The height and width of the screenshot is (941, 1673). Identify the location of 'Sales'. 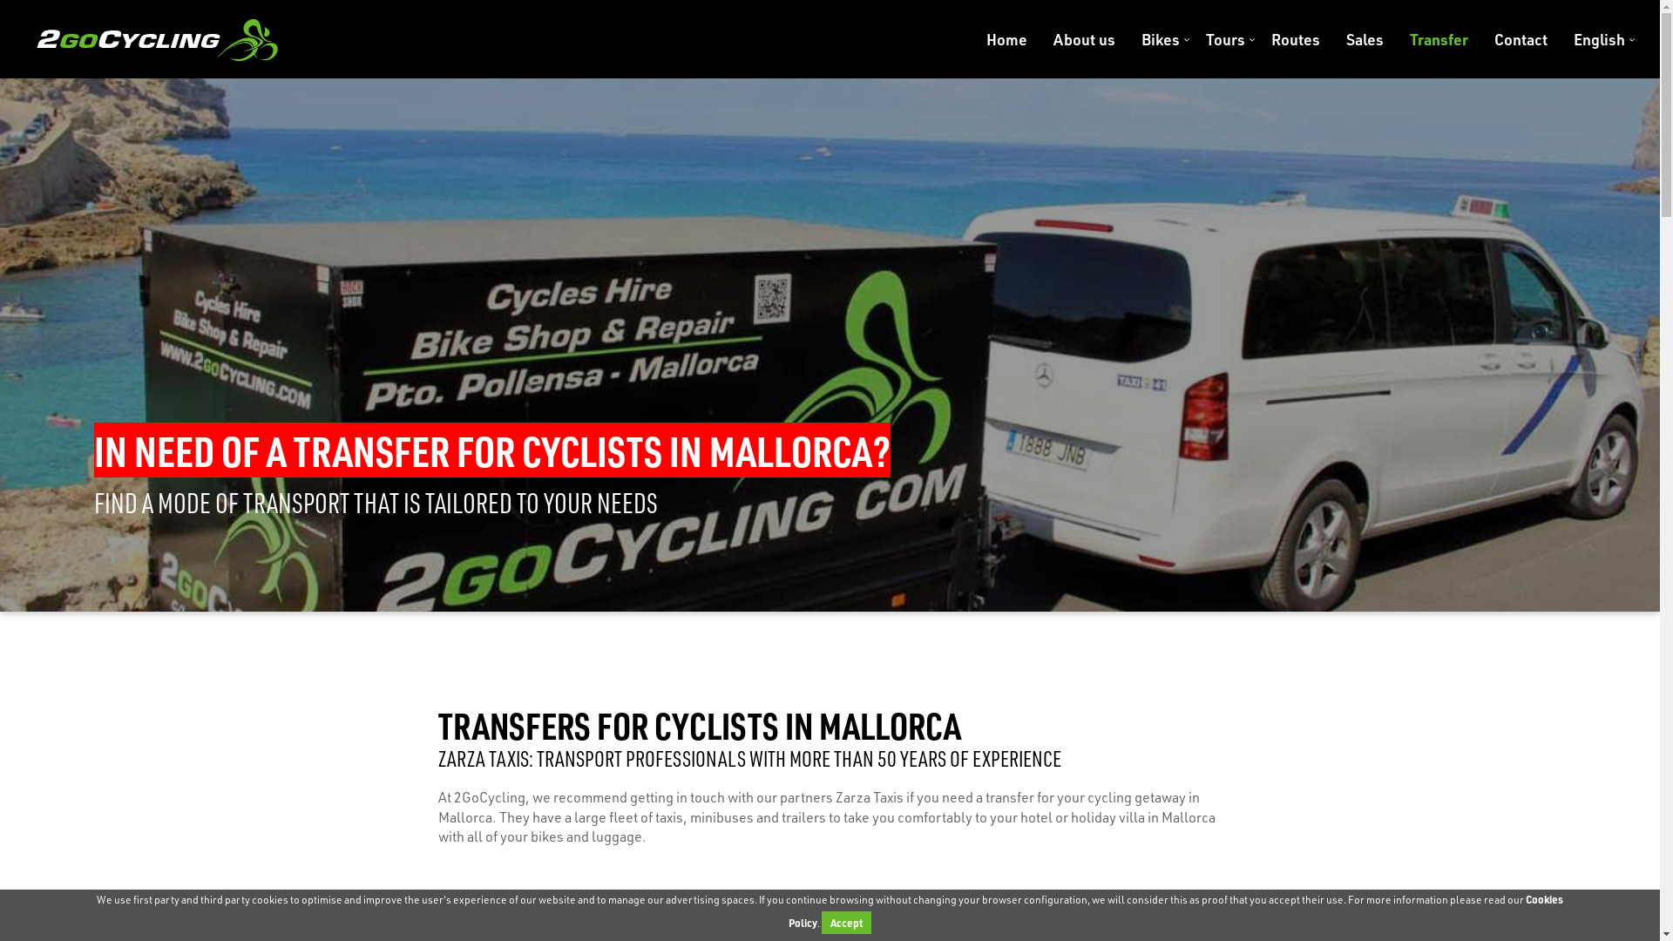
(1364, 39).